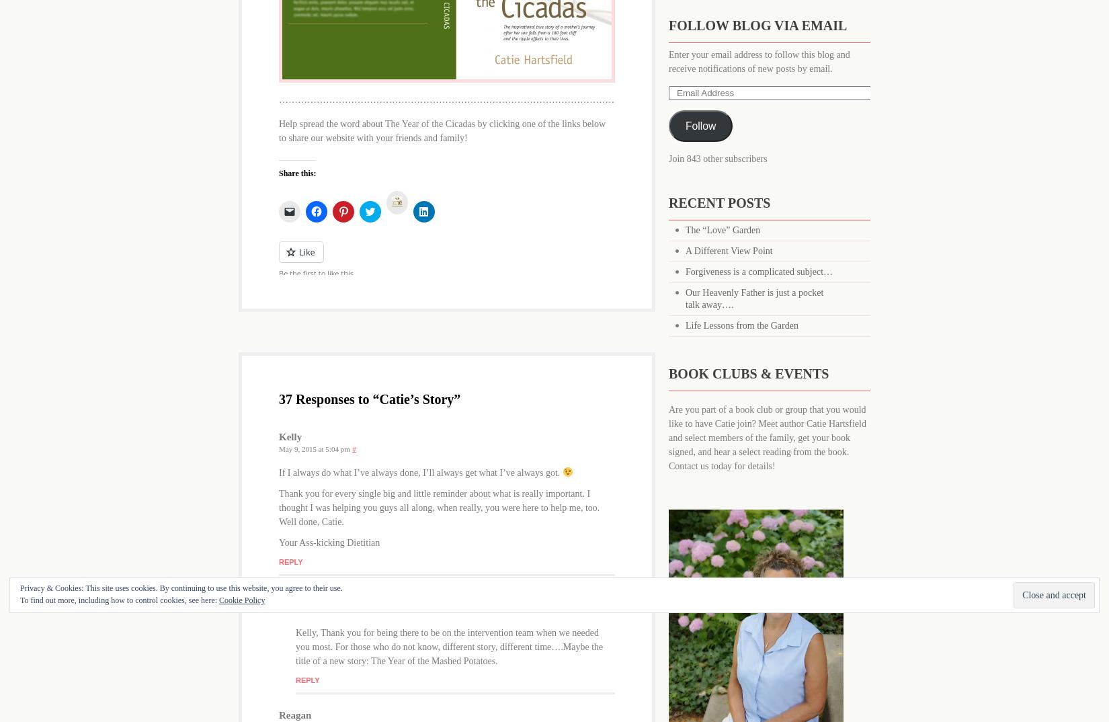 This screenshot has width=1109, height=722. I want to click on 'Privacy & Cookies: This site uses cookies. By continuing to use this website, you agree to their use.', so click(181, 587).